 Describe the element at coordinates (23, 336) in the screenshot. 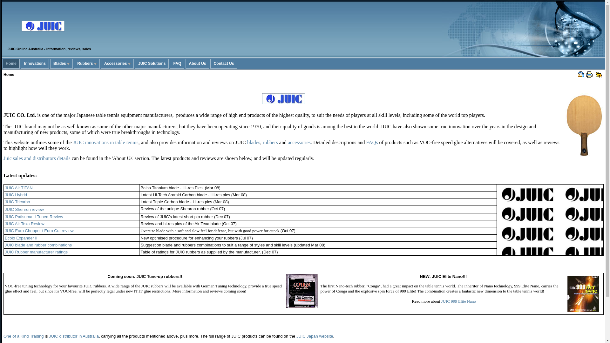

I see `'One of a Kind Trading'` at that location.